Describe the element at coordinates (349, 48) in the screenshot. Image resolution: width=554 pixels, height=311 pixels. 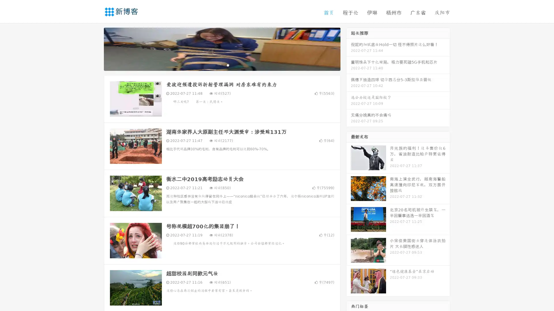
I see `Next slide` at that location.